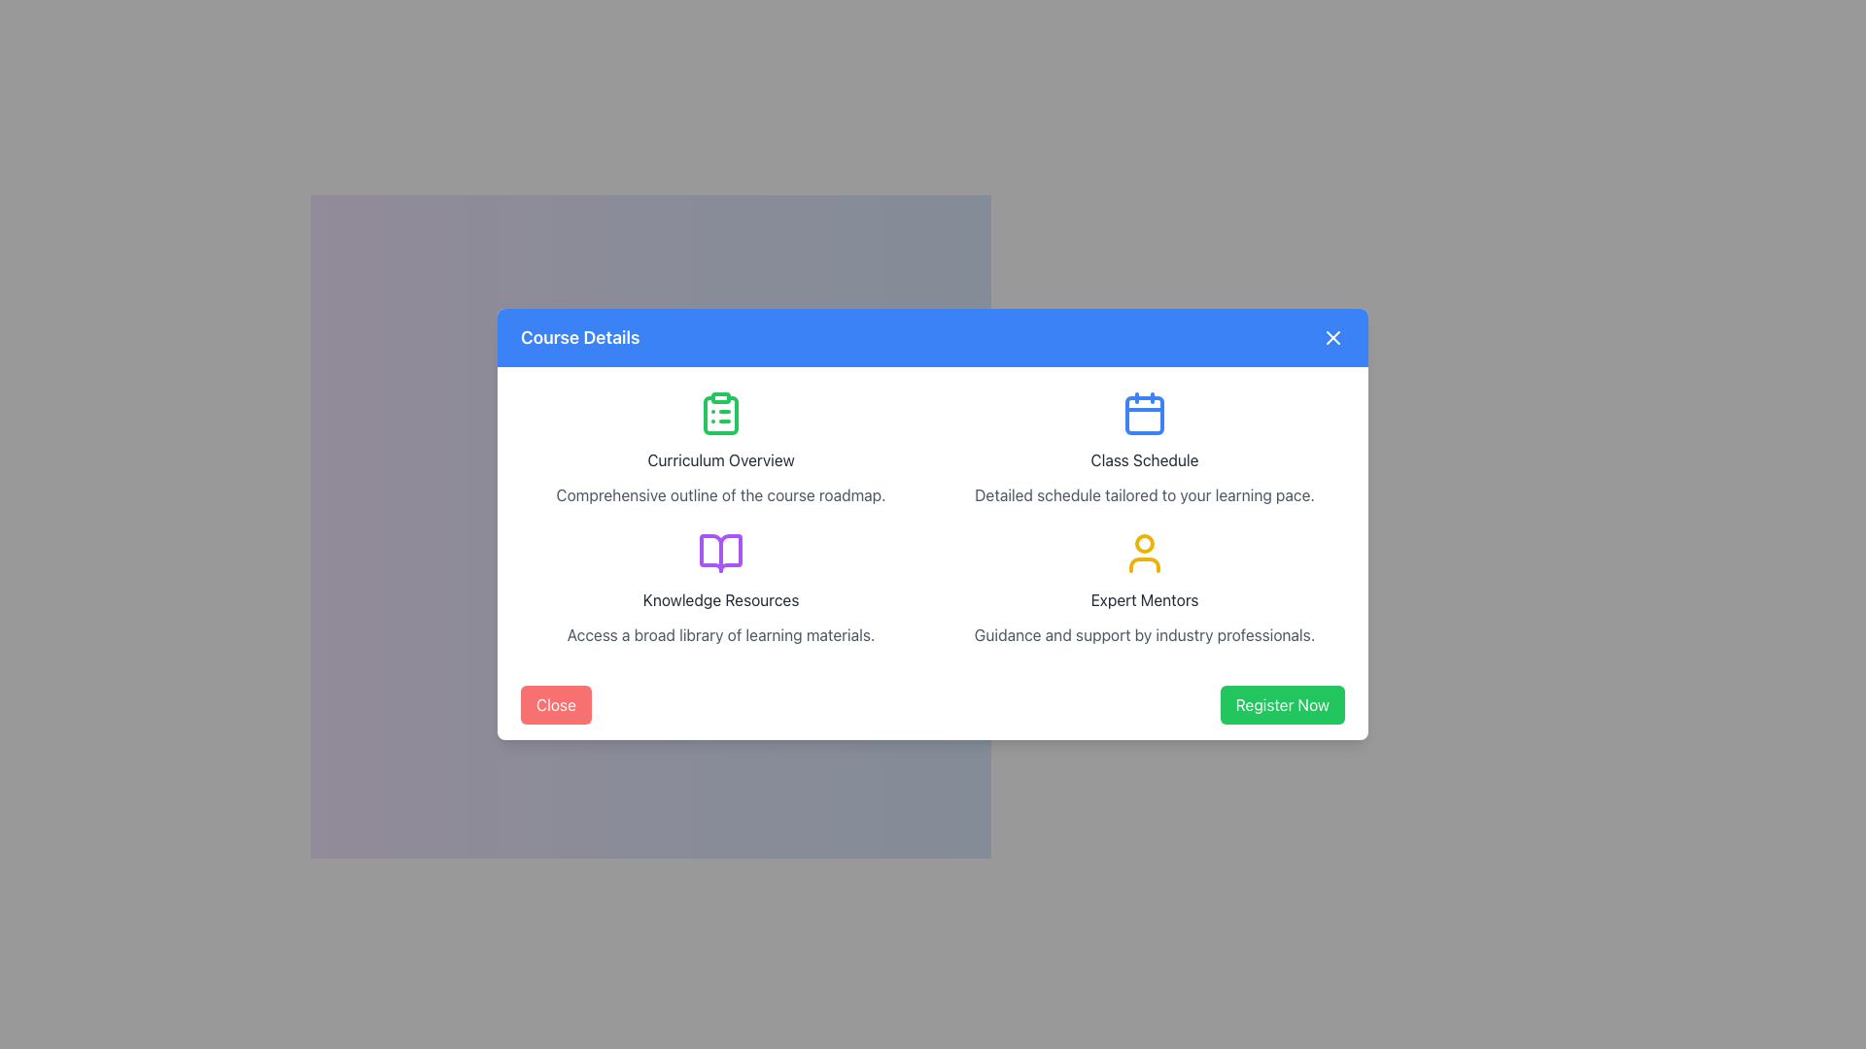 Image resolution: width=1866 pixels, height=1049 pixels. What do you see at coordinates (720, 493) in the screenshot?
I see `text label containing the phrase 'Comprehensive outline of the course roadmap.' which is styled with a gray font and positioned underneath the 'Curriculum Overview' title` at bounding box center [720, 493].